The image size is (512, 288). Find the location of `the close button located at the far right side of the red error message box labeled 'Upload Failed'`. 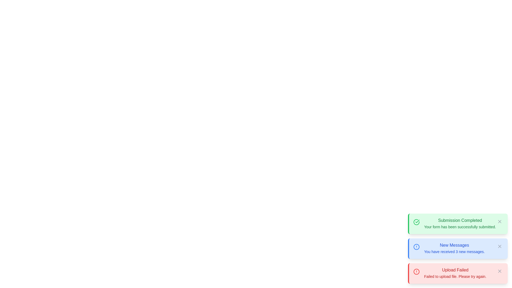

the close button located at the far right side of the red error message box labeled 'Upload Failed' is located at coordinates (499, 271).